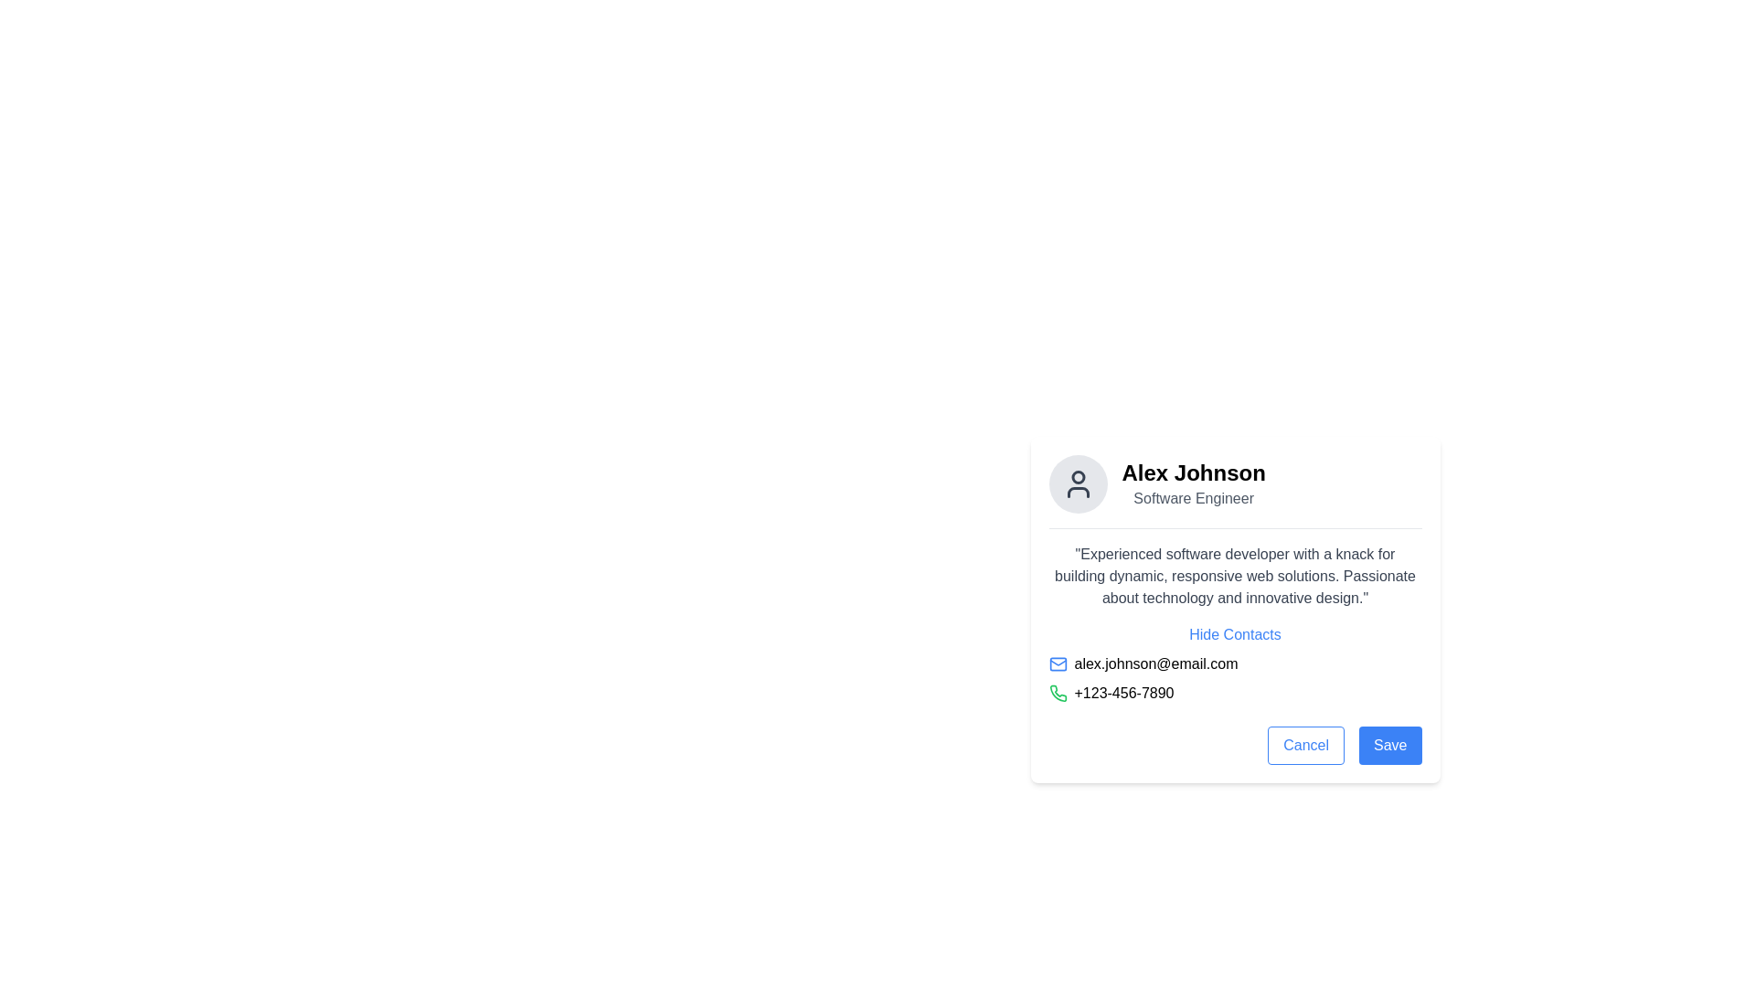  What do you see at coordinates (1194, 483) in the screenshot?
I see `text displayed in the label or text display located in the upper section of the profile card, adjacent to the circular avatar icon` at bounding box center [1194, 483].